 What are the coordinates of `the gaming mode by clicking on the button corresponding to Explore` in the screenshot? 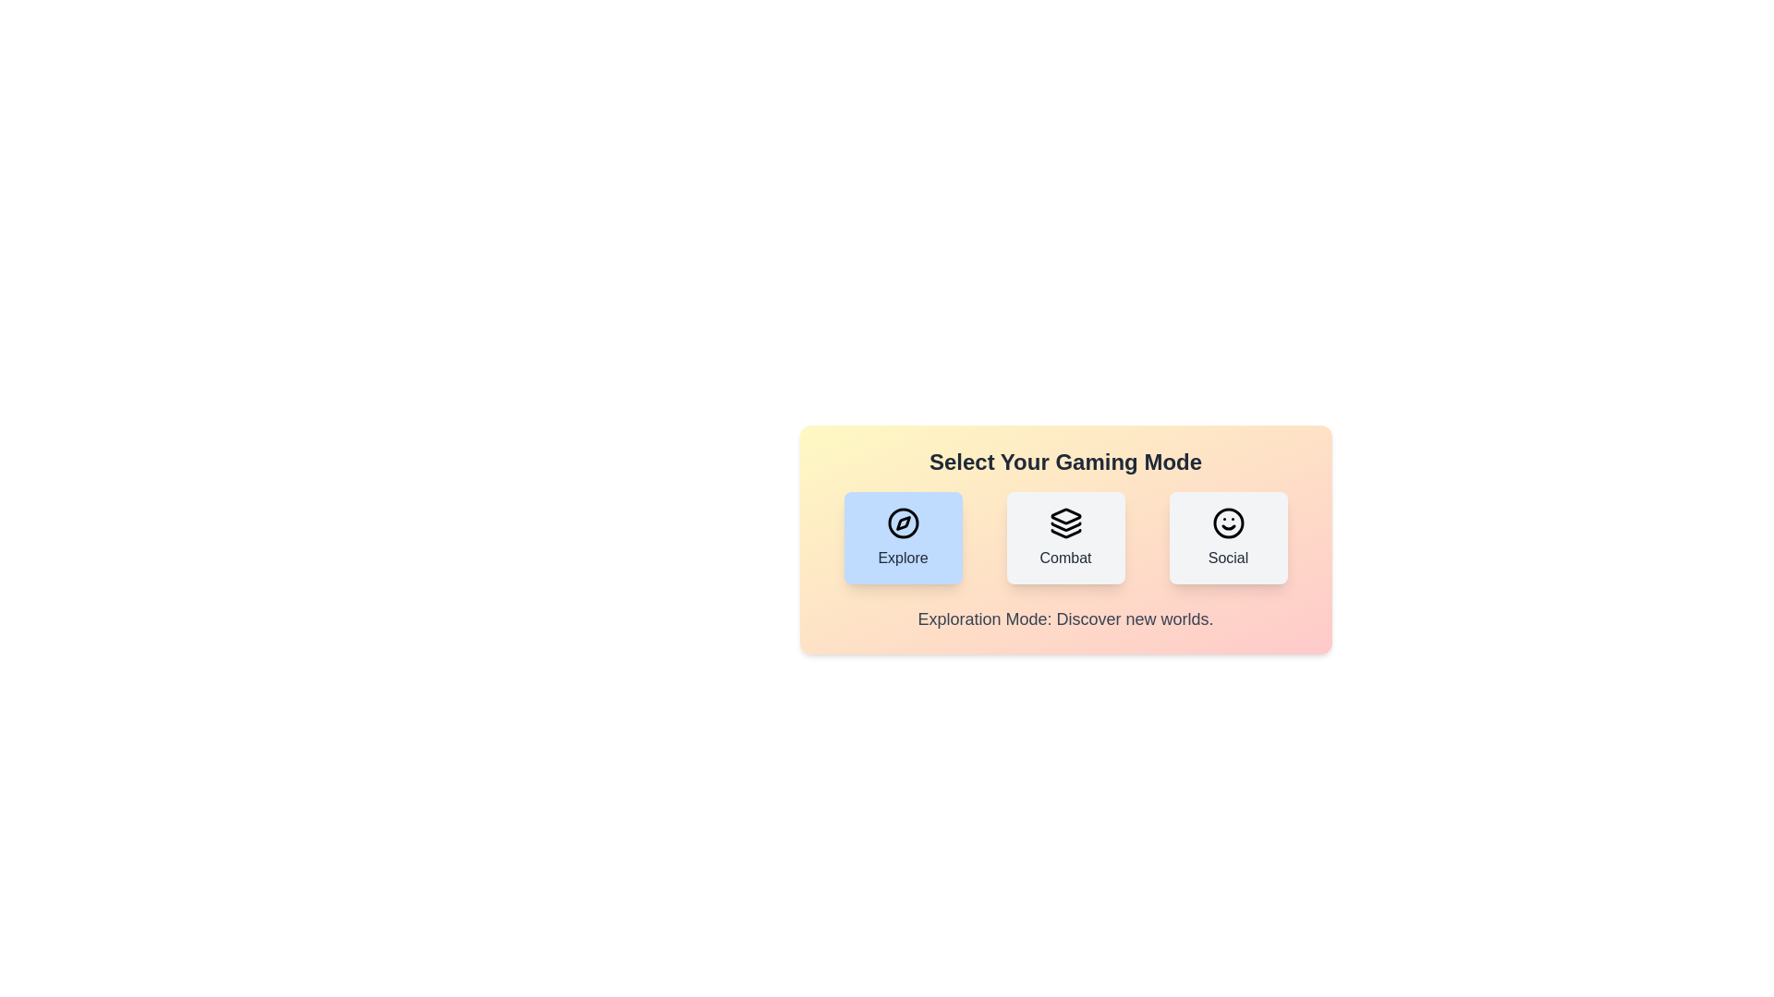 It's located at (903, 537).